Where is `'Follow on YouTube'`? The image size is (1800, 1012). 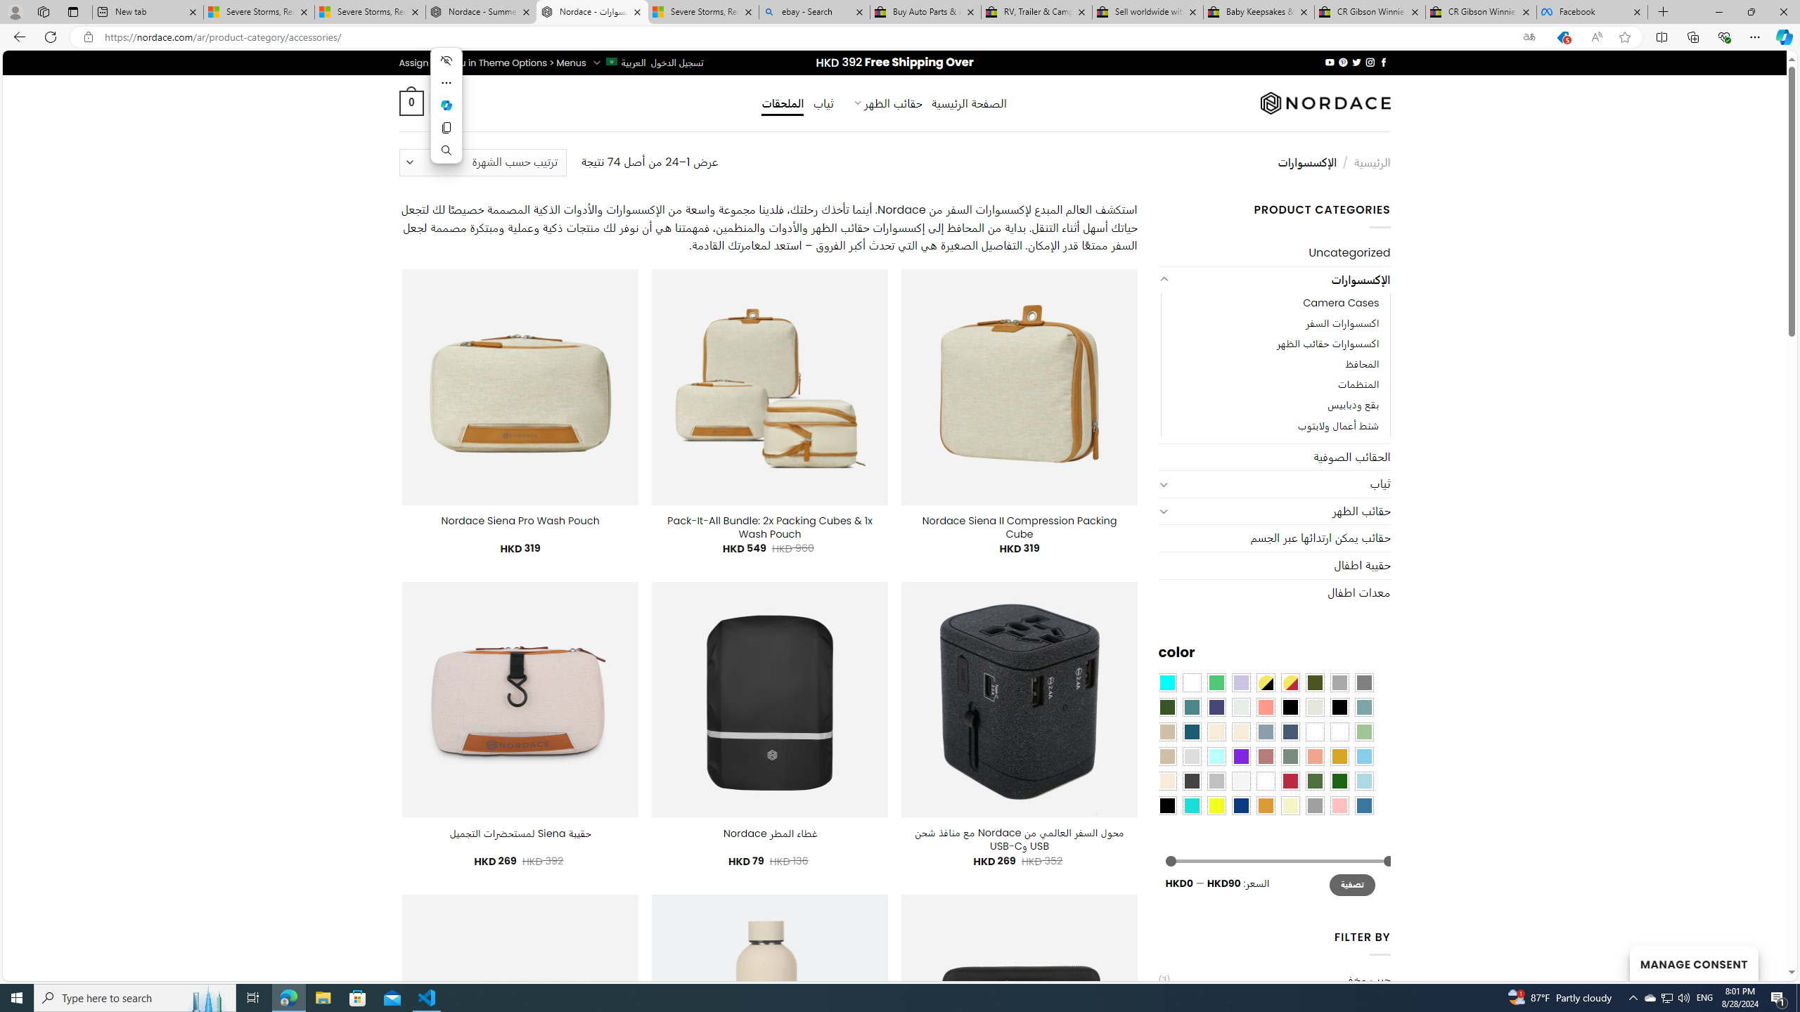 'Follow on YouTube' is located at coordinates (1329, 62).